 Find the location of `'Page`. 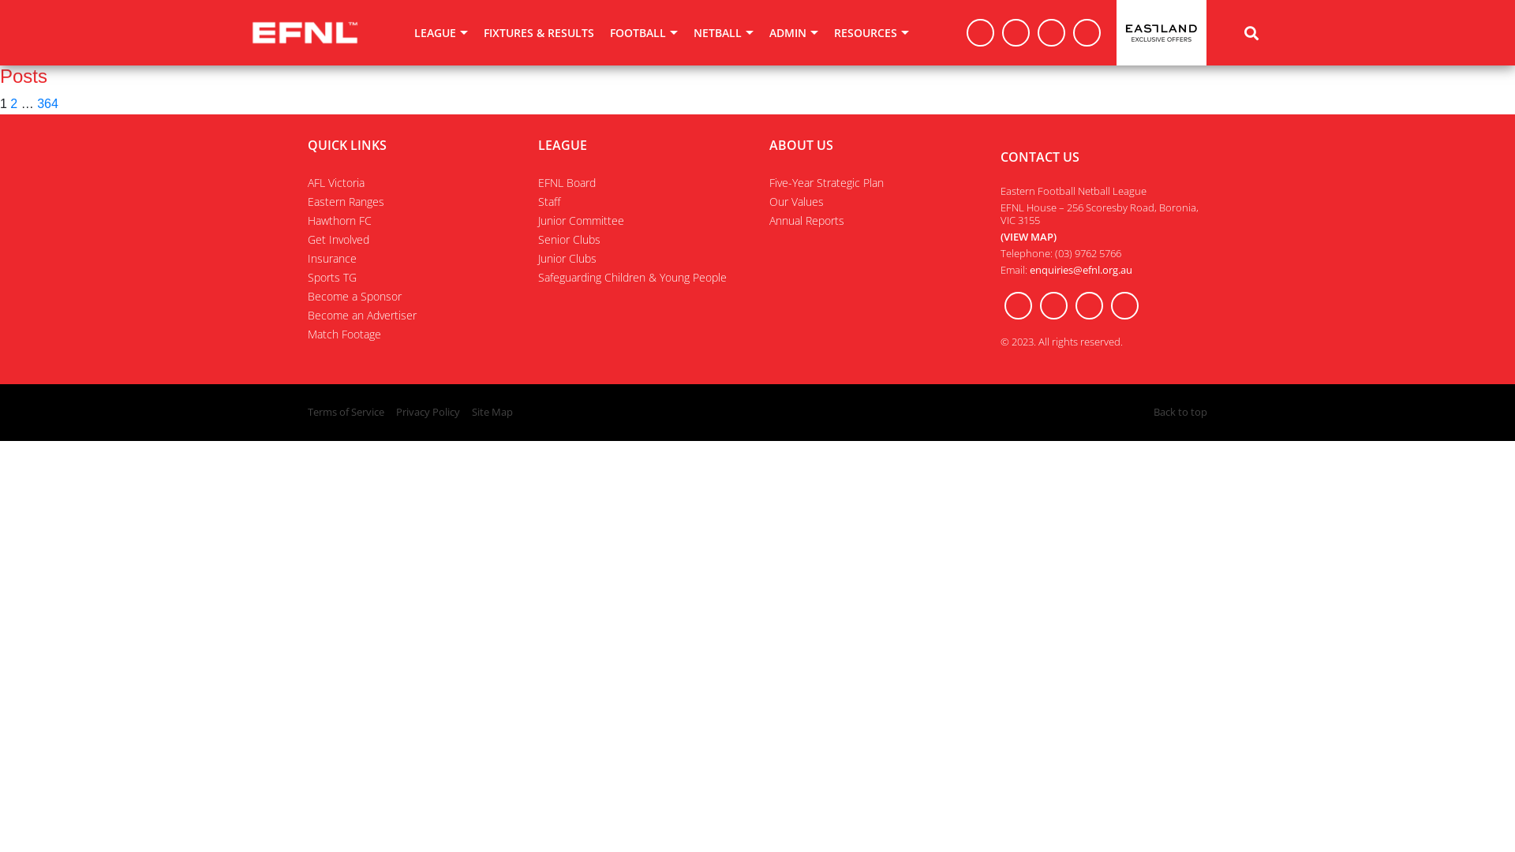

'Page is located at coordinates (13, 103).